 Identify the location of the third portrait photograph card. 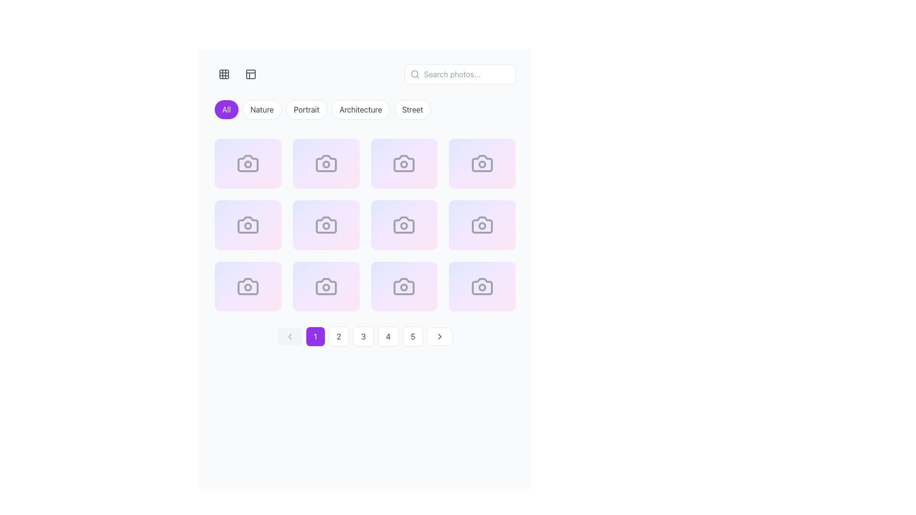
(404, 163).